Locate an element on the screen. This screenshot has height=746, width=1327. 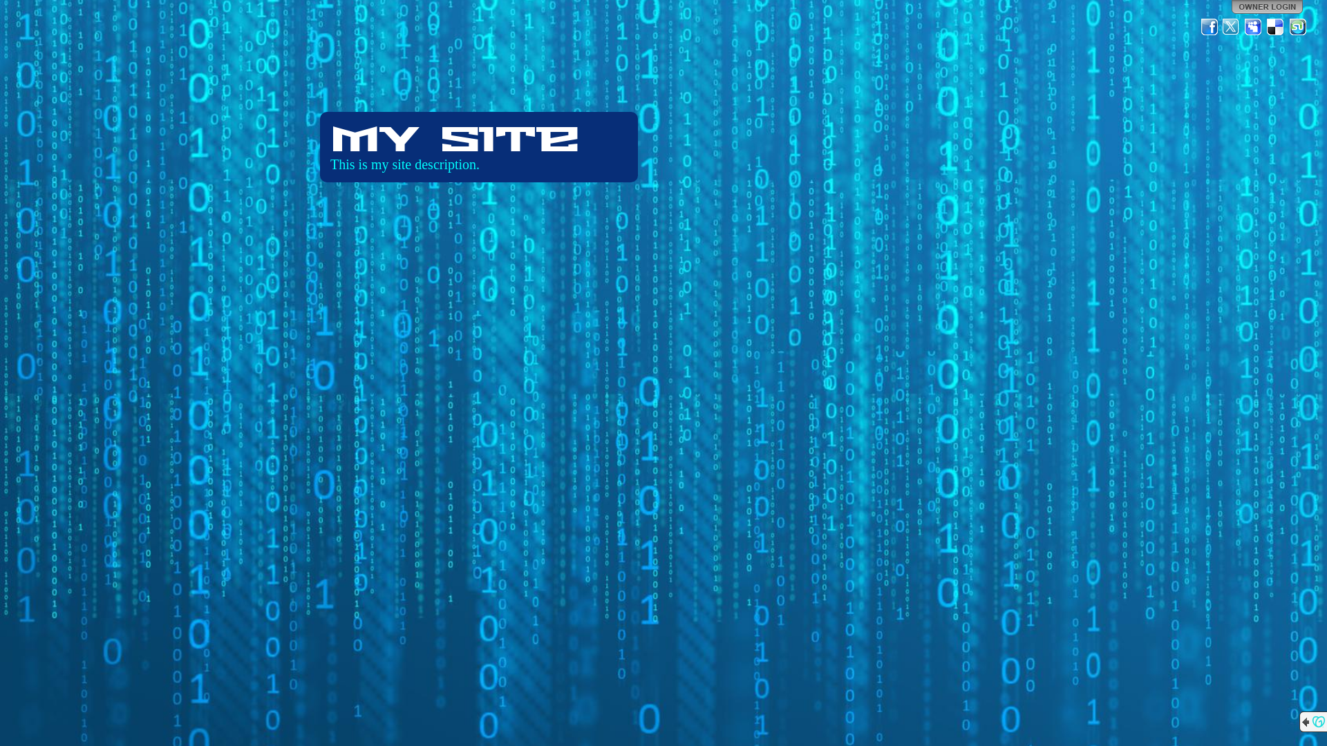
'Del.icio.us' is located at coordinates (1275, 26).